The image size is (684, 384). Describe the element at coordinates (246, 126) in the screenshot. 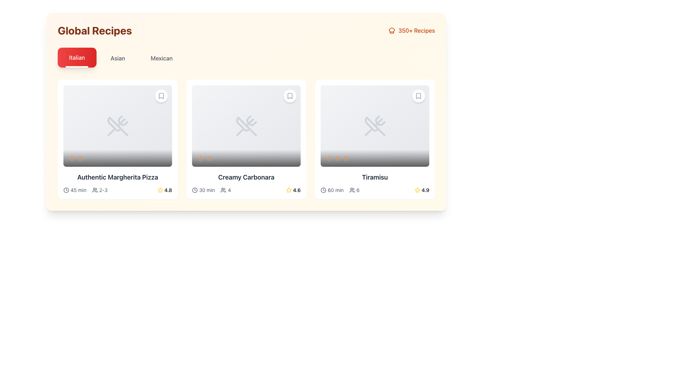

I see `the image placeholder panel with rounded corners featuring crossed utensils in the center, located in the second recipe card under the 'Italian' tab in the 'Global Recipes' section` at that location.